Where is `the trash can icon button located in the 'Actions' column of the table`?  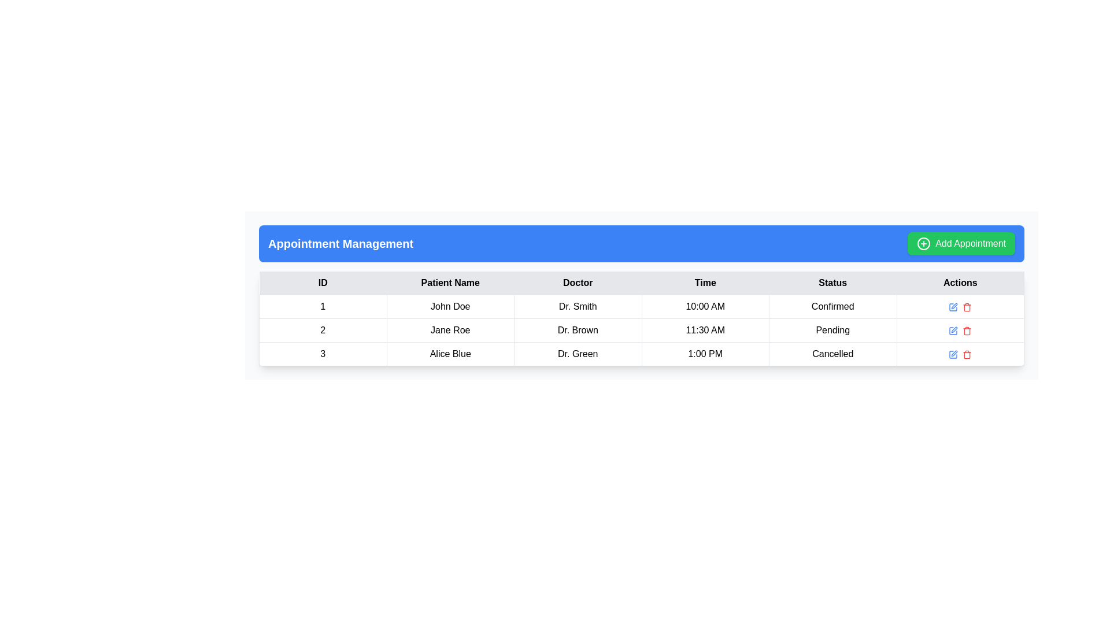 the trash can icon button located in the 'Actions' column of the table is located at coordinates (967, 354).